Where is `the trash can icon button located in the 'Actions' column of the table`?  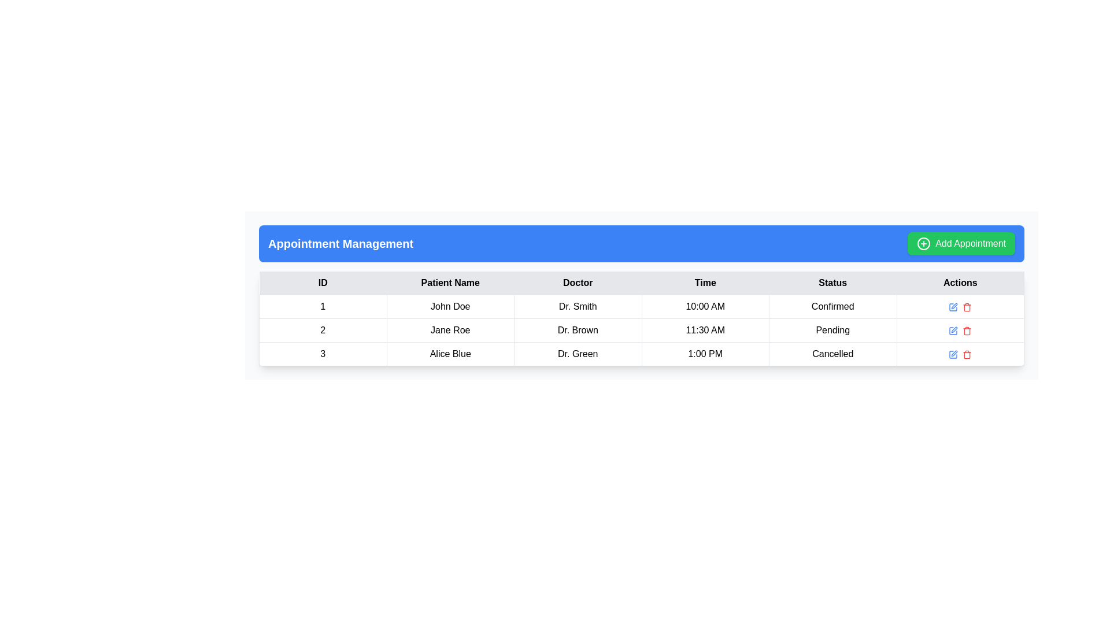 the trash can icon button located in the 'Actions' column of the table is located at coordinates (967, 354).